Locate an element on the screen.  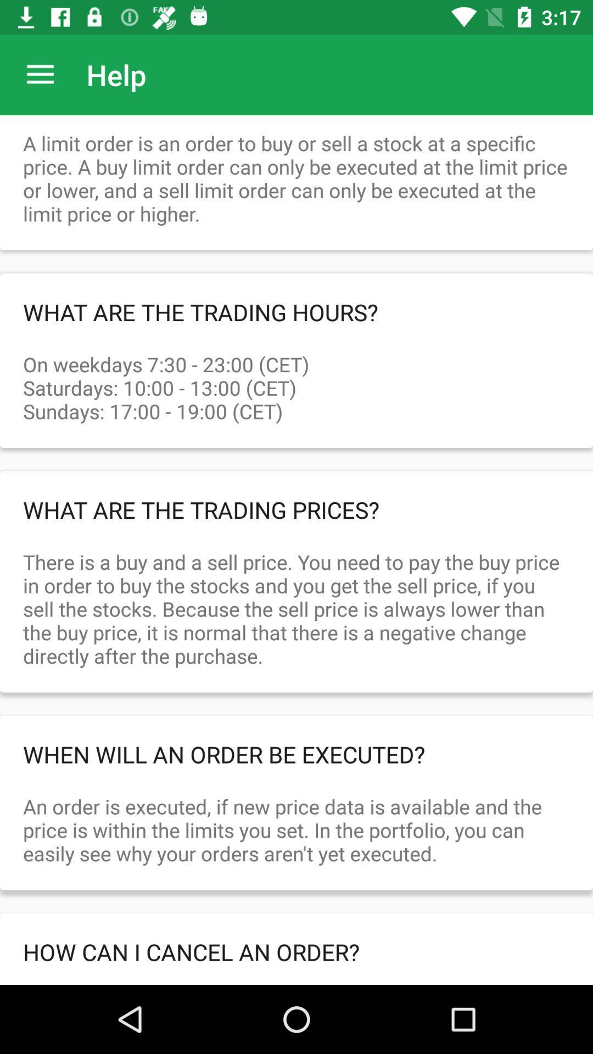
icon below the an order is item is located at coordinates (296, 951).